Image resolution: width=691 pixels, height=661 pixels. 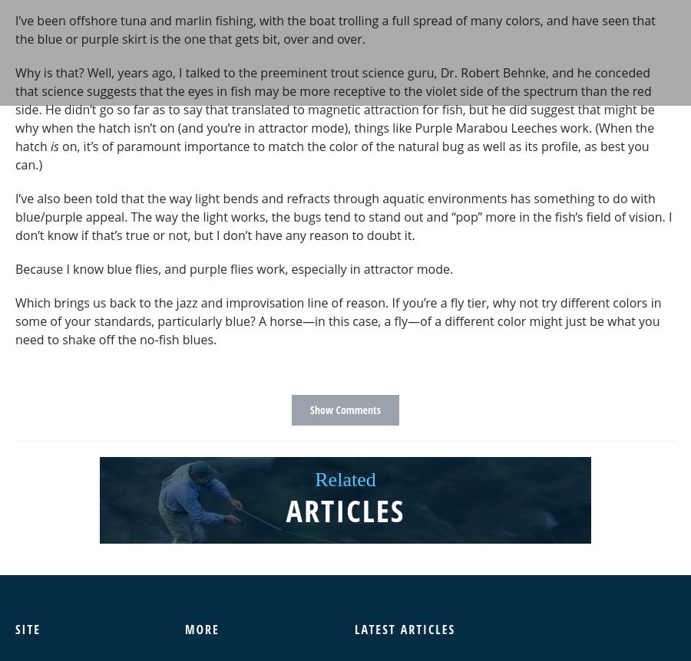 What do you see at coordinates (343, 215) in the screenshot?
I see `'I’ve also been told that the way light bends and refracts through aquatic environments has something to do with blue/purple appeal. The way the light works, the bugs tend to stand out and “pop” more in the fish’s field of vision. I don’t know if that’s true or not, but I don’t have any reason to doubt it.'` at bounding box center [343, 215].